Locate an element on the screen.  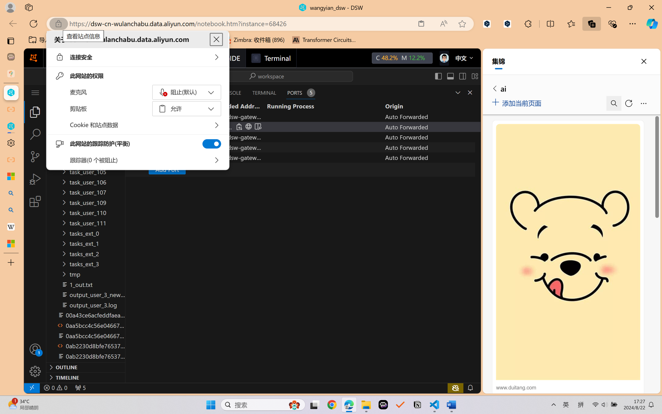
'Copilot (Ctrl+Shift+.)' is located at coordinates (652, 24).